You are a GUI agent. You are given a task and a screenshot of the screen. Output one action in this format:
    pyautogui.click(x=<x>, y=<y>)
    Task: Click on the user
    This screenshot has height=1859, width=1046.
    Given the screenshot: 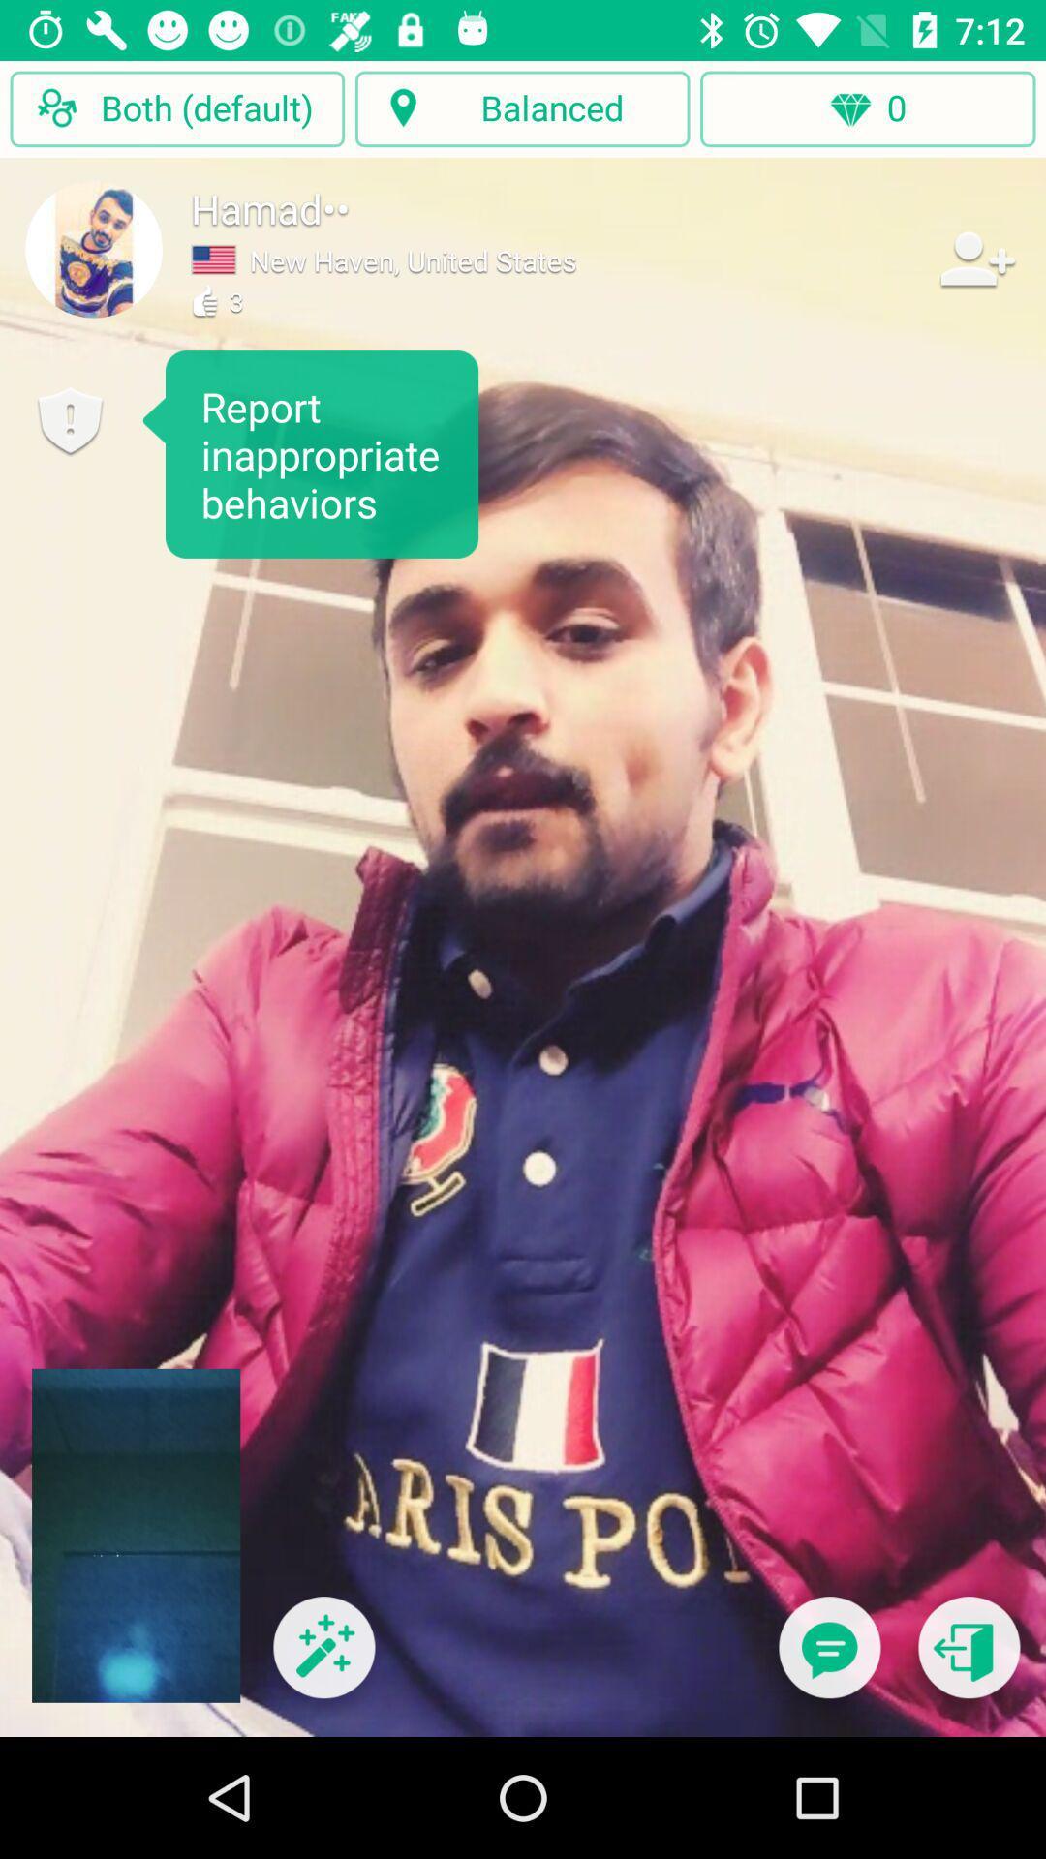 What is the action you would take?
    pyautogui.click(x=975, y=258)
    